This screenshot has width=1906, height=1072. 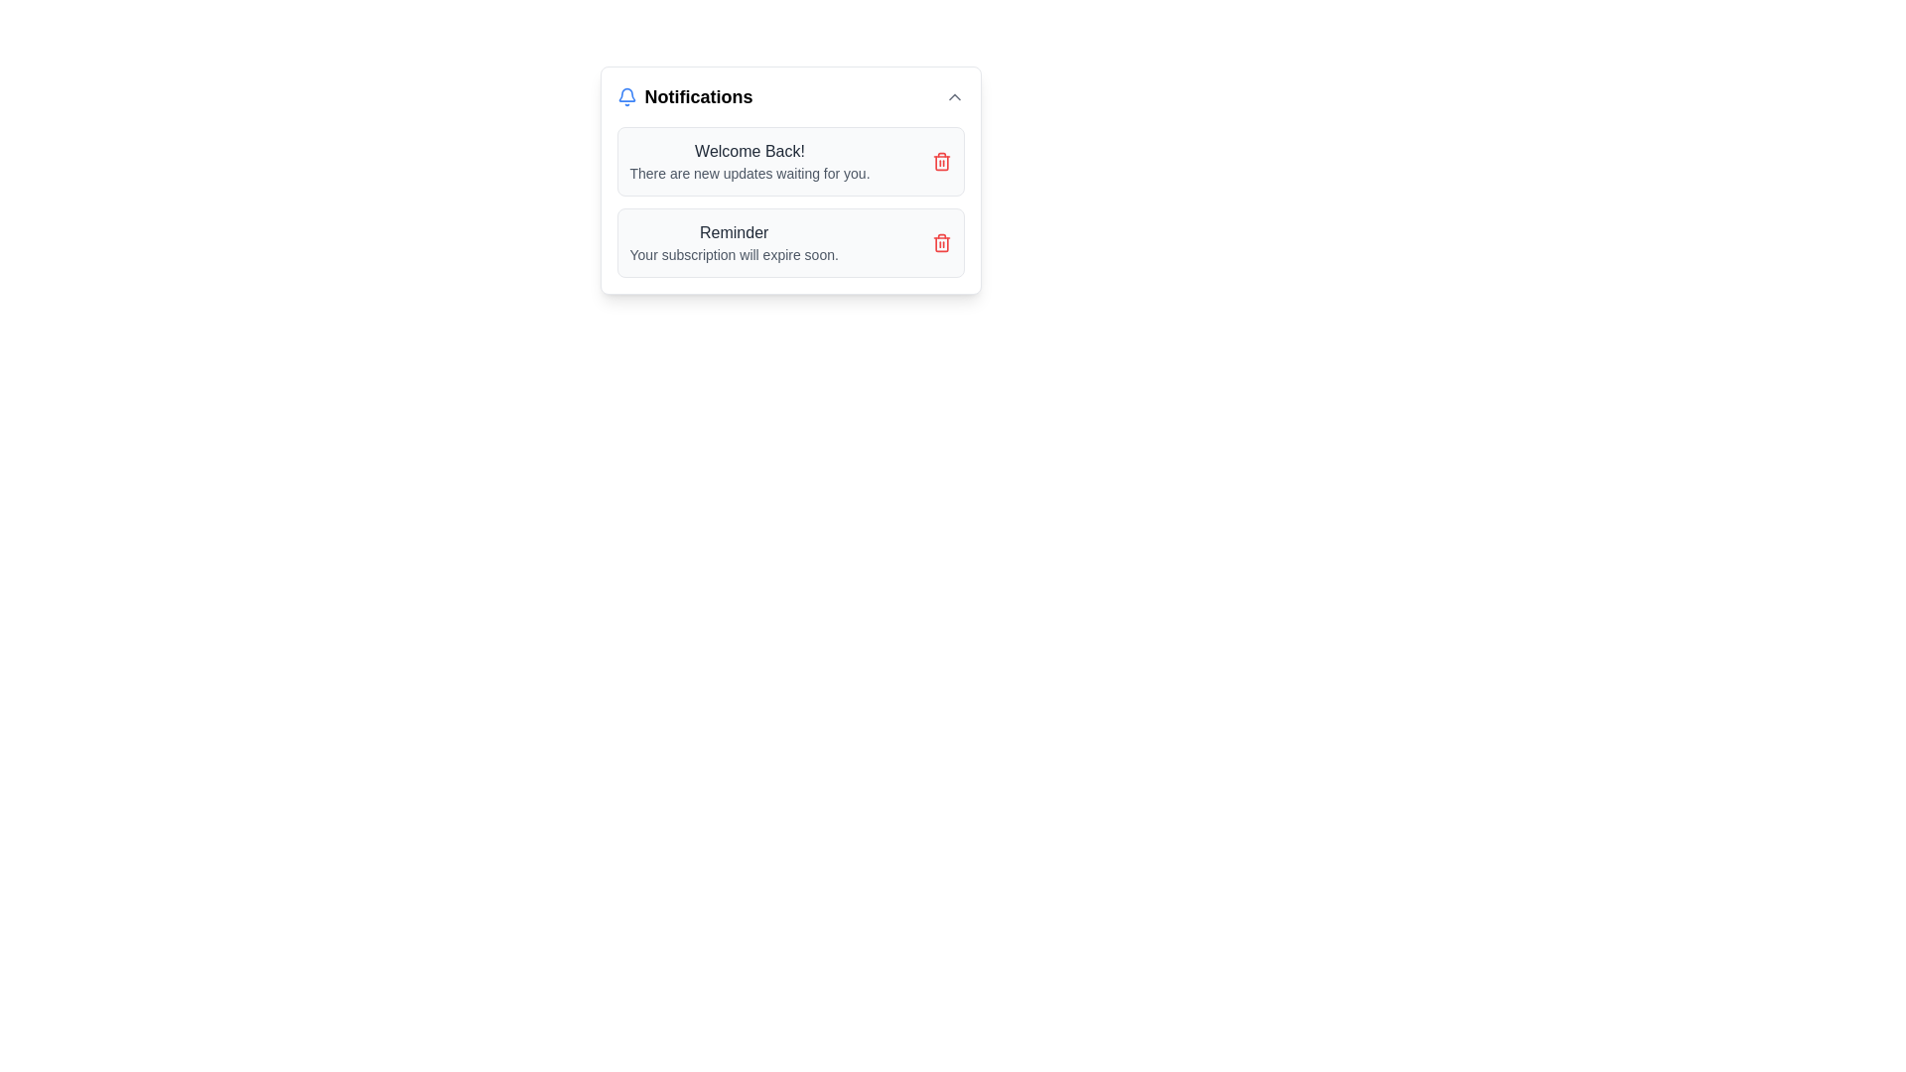 What do you see at coordinates (733, 242) in the screenshot?
I see `the 'Reminder' Notification Text Block element which contains the message 'Your subscription will expire soon.'` at bounding box center [733, 242].